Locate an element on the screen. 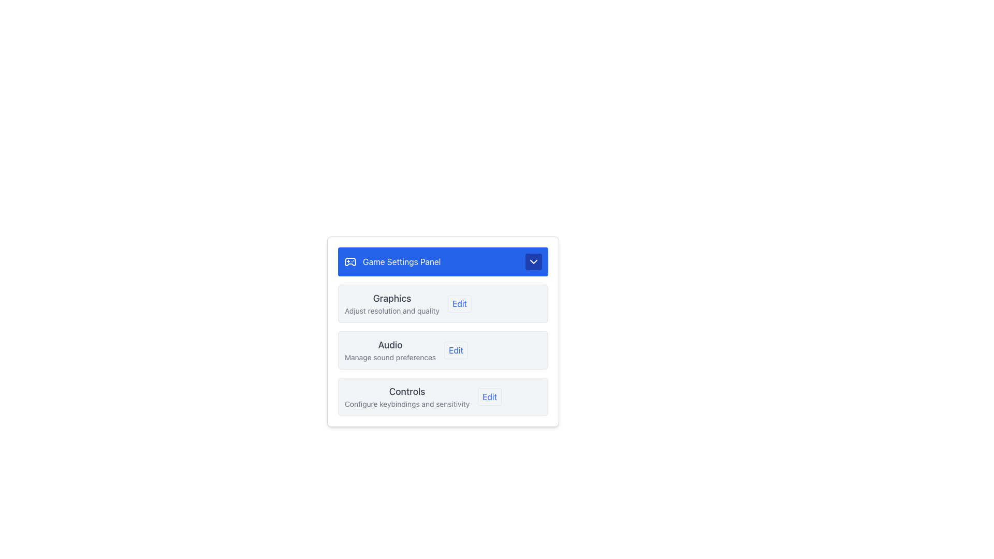 The width and height of the screenshot is (994, 559). the 'Edit' button, which is a small rectangular button with blue text on a transparent background located in the 'Graphics' section of the 'Game Settings Panel' is located at coordinates (459, 303).